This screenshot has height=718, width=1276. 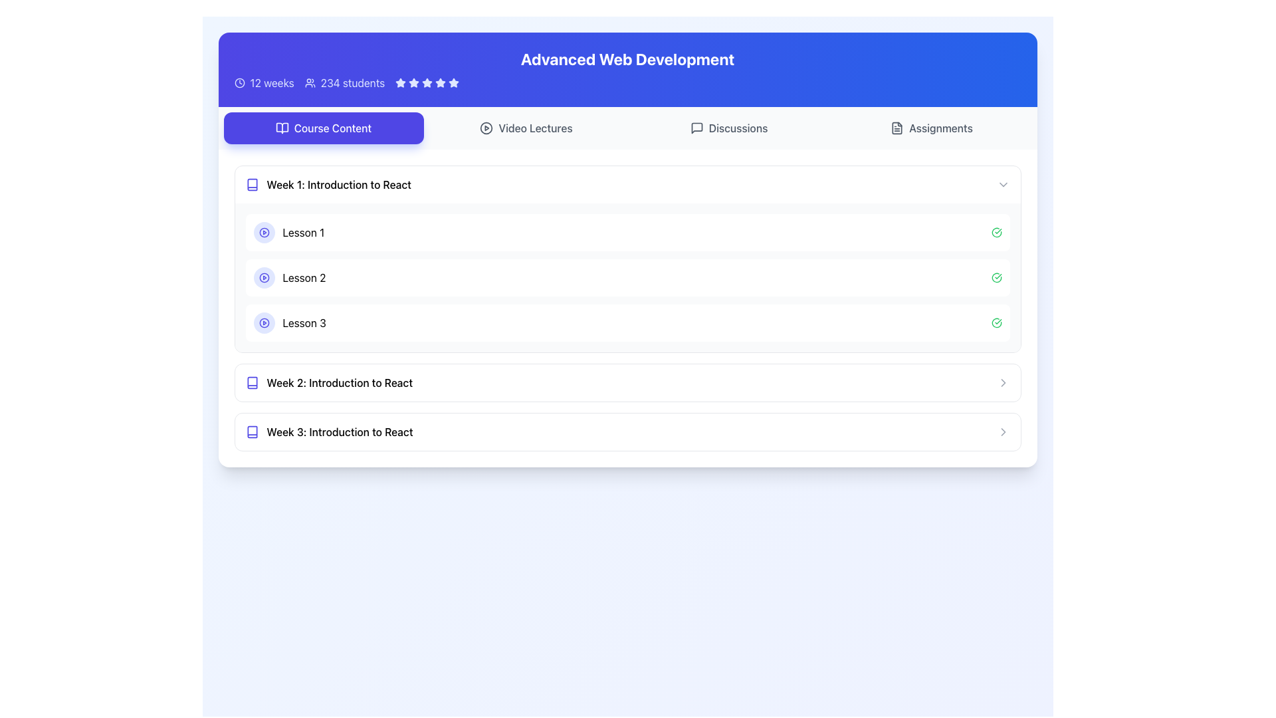 What do you see at coordinates (627, 232) in the screenshot?
I see `the 'Lesson 1' card in the Course Content section` at bounding box center [627, 232].